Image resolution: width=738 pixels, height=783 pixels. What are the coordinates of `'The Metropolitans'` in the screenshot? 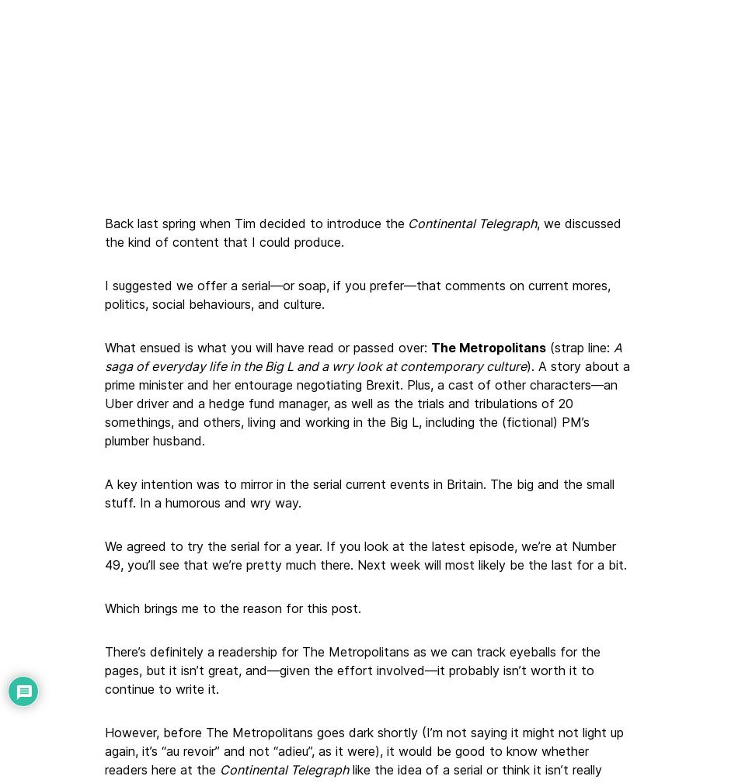 It's located at (488, 345).